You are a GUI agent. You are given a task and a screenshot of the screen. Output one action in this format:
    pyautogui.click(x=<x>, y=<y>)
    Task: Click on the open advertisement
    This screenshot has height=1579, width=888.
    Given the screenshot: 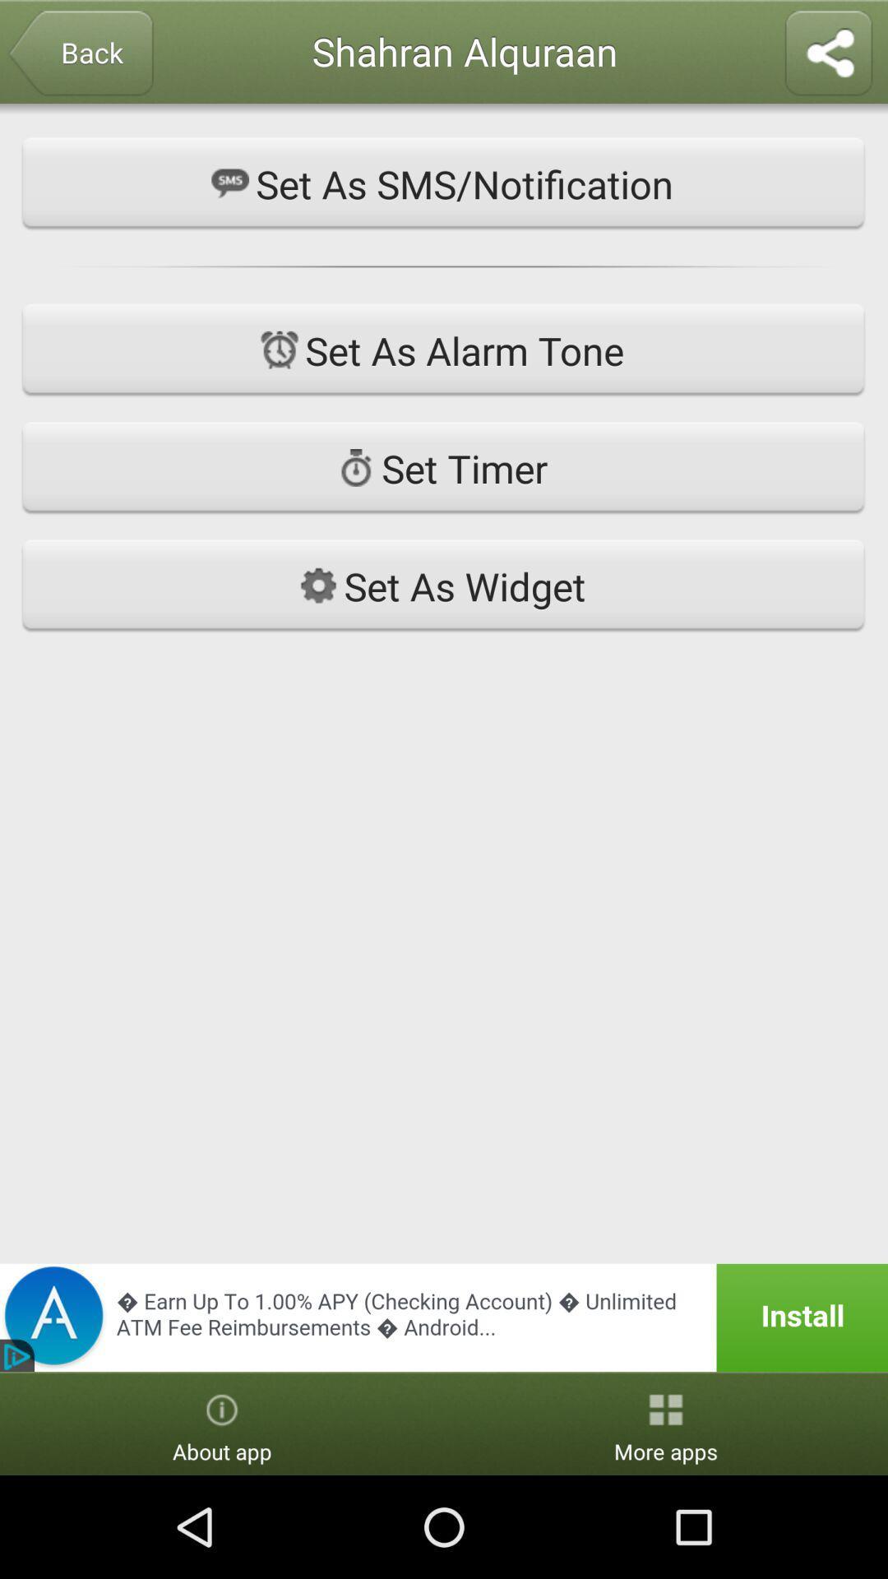 What is the action you would take?
    pyautogui.click(x=444, y=1317)
    